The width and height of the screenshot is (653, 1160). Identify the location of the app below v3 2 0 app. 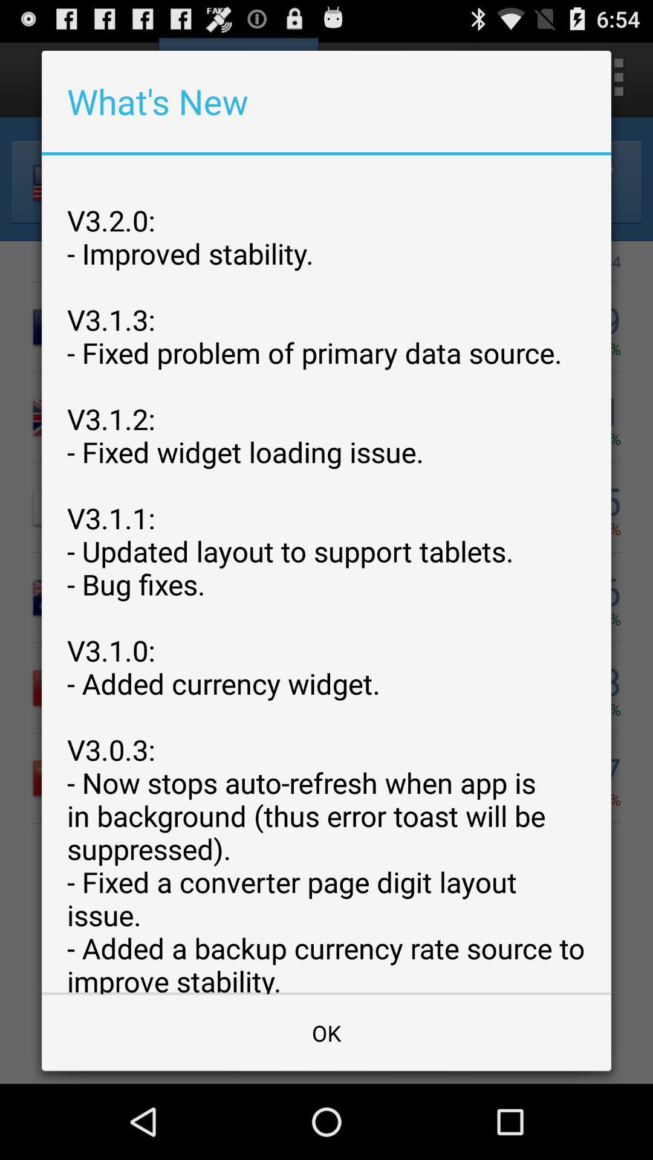
(326, 1032).